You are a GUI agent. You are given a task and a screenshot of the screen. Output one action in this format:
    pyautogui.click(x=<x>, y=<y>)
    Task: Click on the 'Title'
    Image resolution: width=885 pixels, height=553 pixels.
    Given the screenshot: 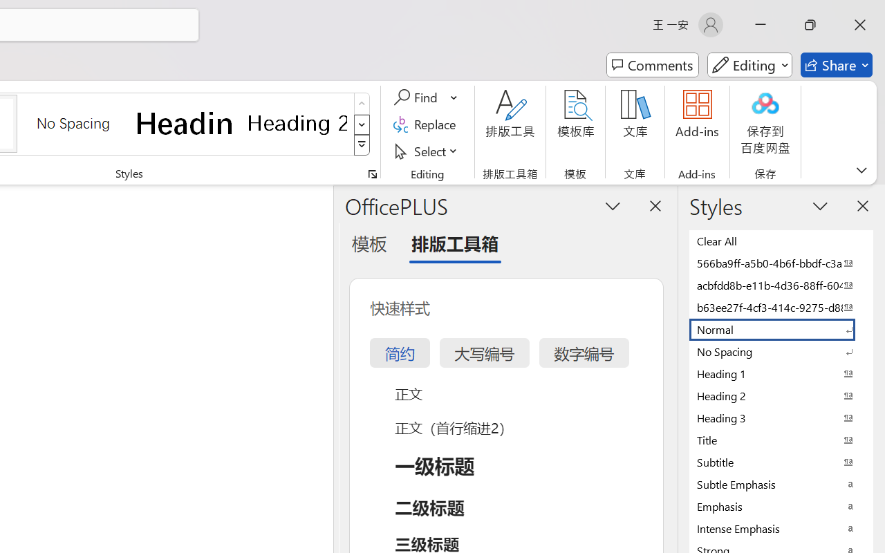 What is the action you would take?
    pyautogui.click(x=781, y=439)
    